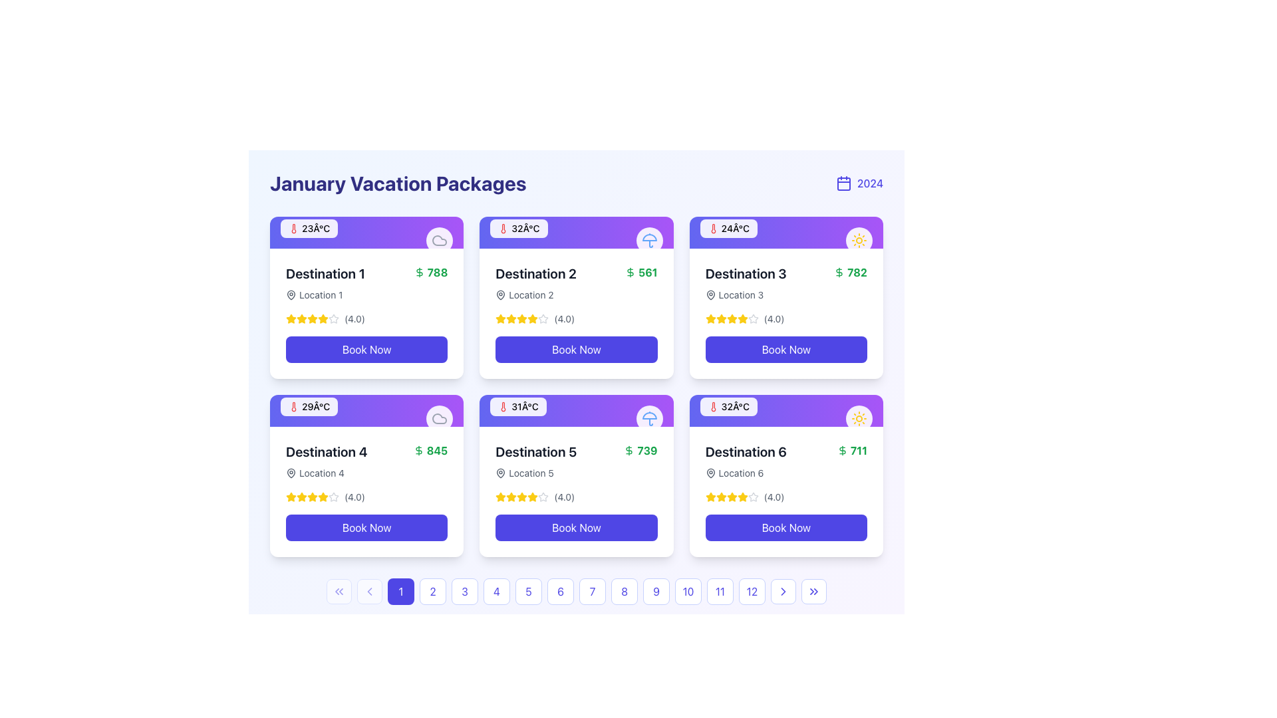  What do you see at coordinates (786, 527) in the screenshot?
I see `the booking button located at the bottom of the card for 'Destination 6' to initiate the booking process` at bounding box center [786, 527].